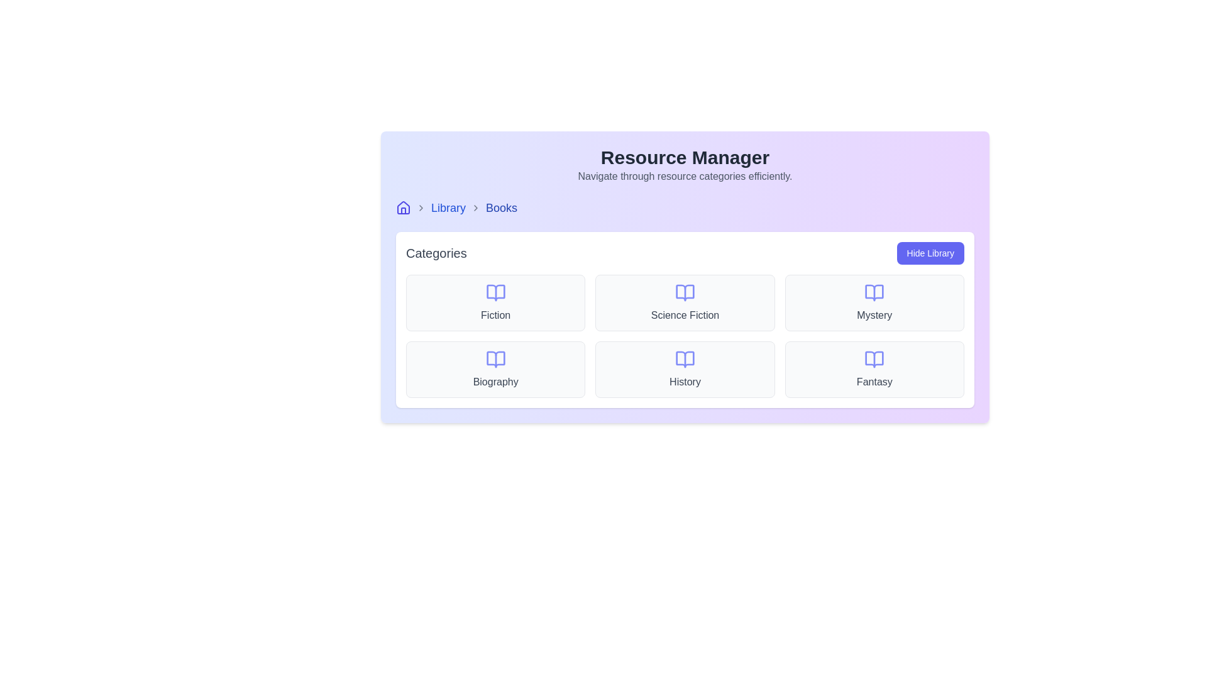  What do you see at coordinates (684, 303) in the screenshot?
I see `the 'Science Fiction' button, which is a rectangular box with a light gray background, an indigo open book icon at the top center, and 'Science Fiction' text in medium gray below the icon` at bounding box center [684, 303].